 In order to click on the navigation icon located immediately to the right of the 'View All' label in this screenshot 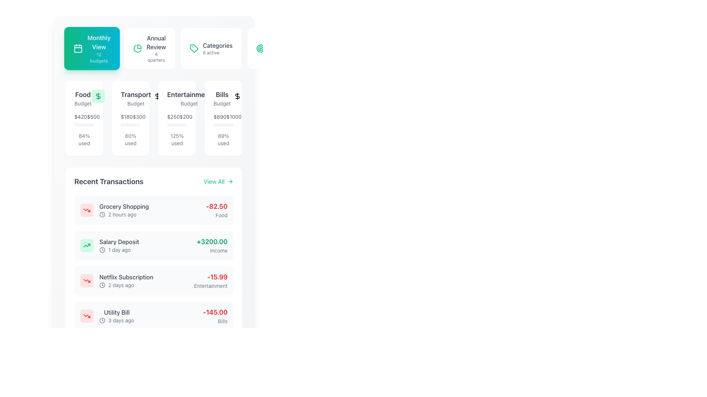, I will do `click(230, 181)`.